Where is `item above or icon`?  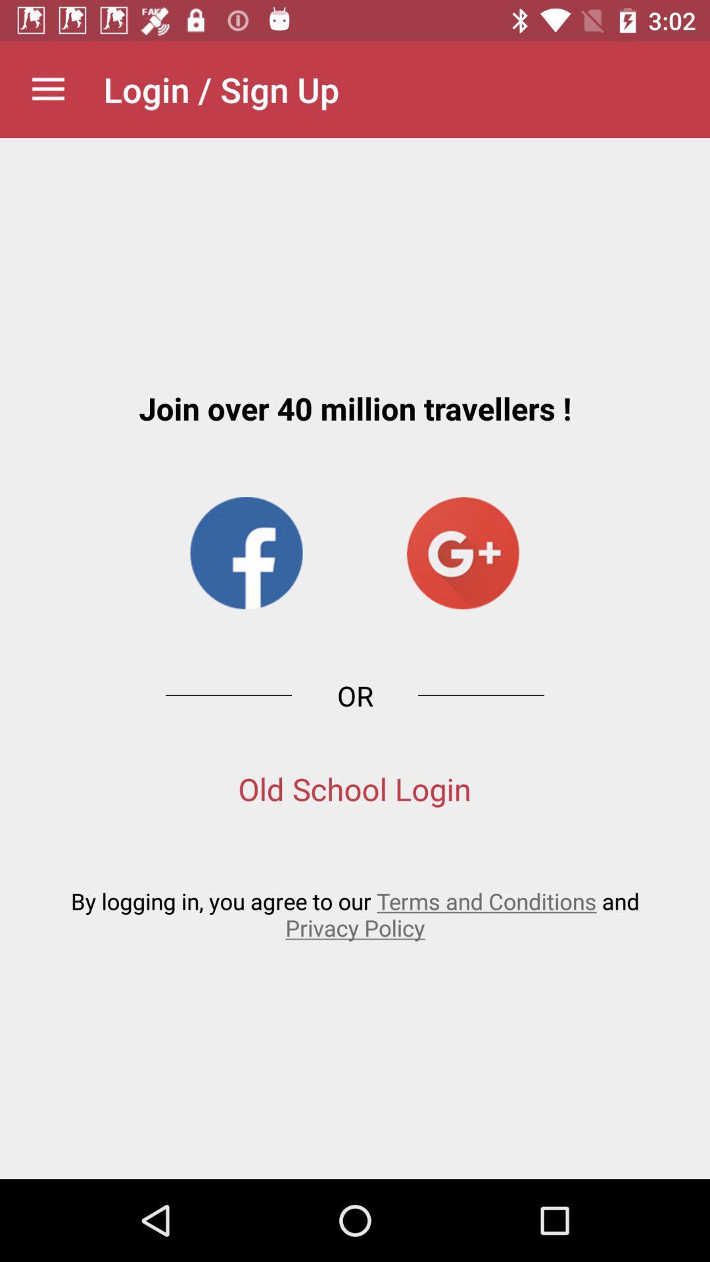 item above or icon is located at coordinates (246, 553).